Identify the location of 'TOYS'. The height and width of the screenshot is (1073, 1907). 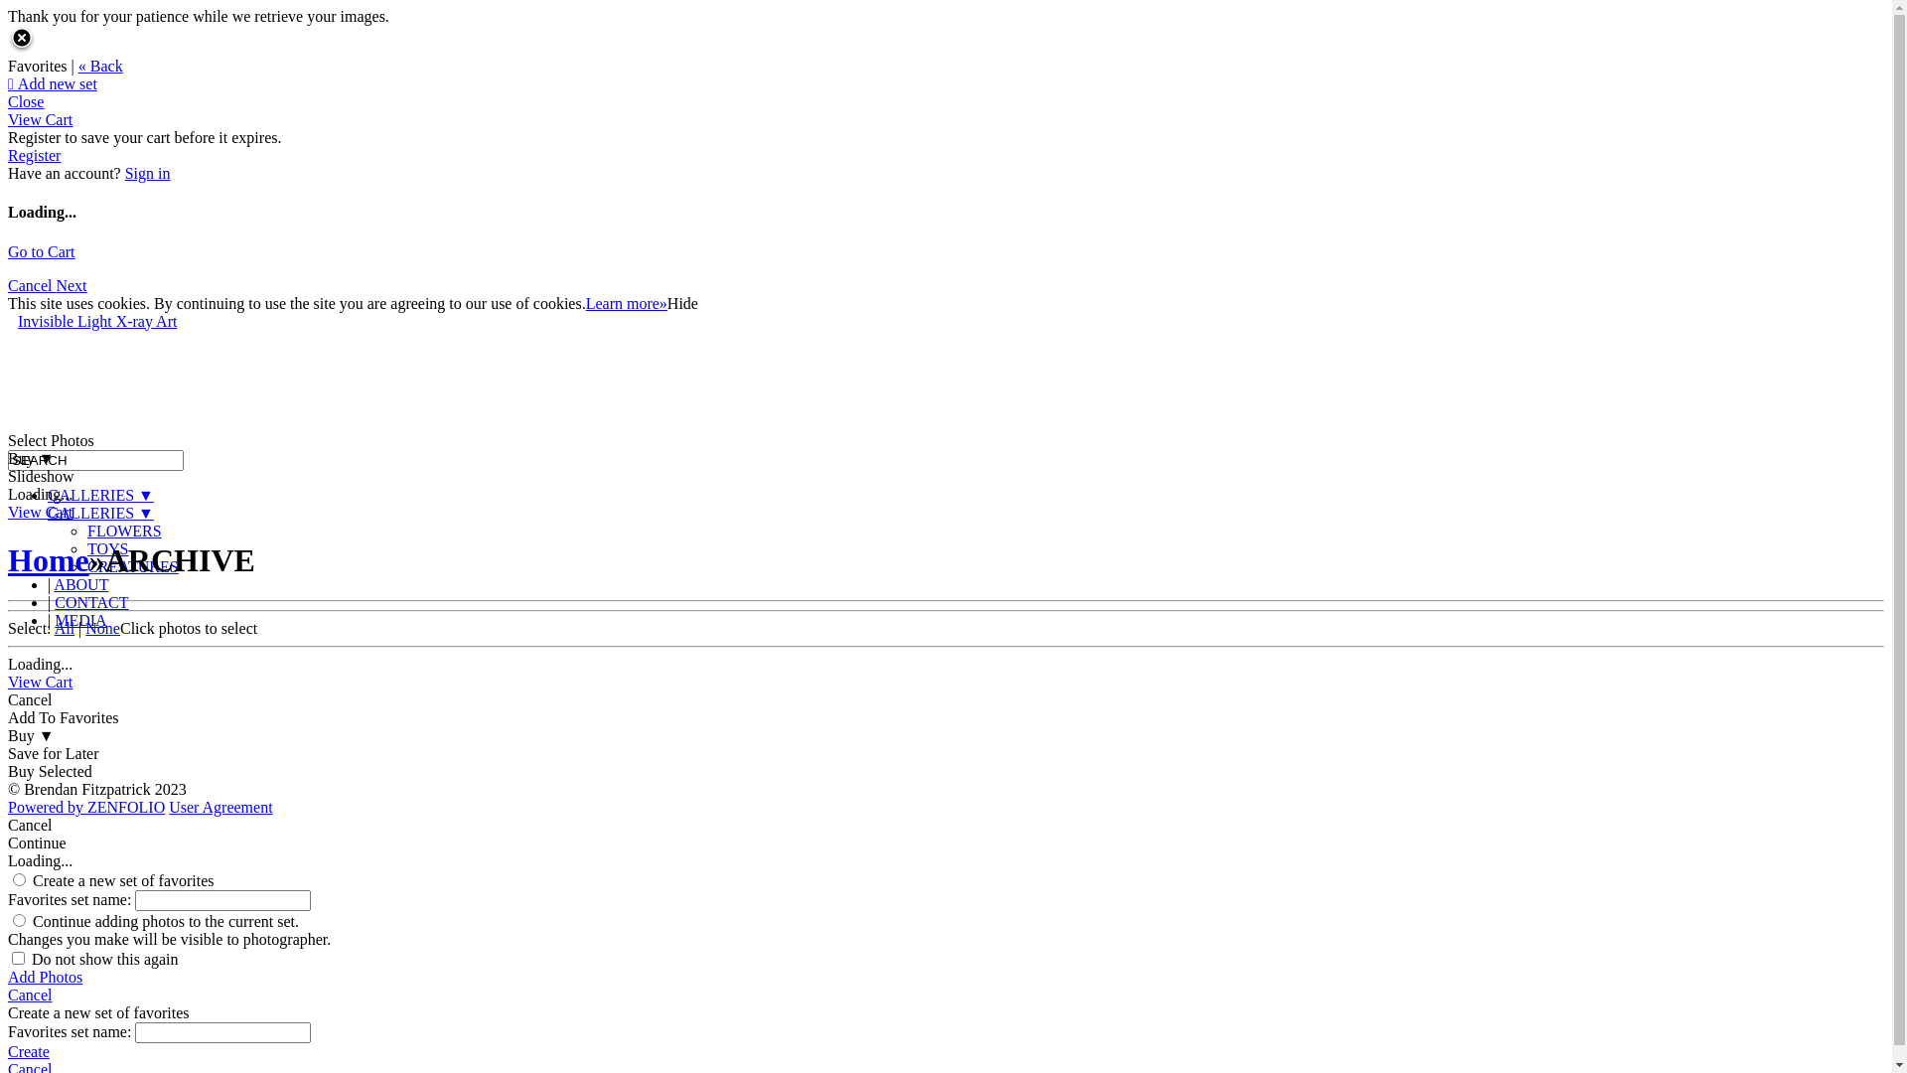
(107, 548).